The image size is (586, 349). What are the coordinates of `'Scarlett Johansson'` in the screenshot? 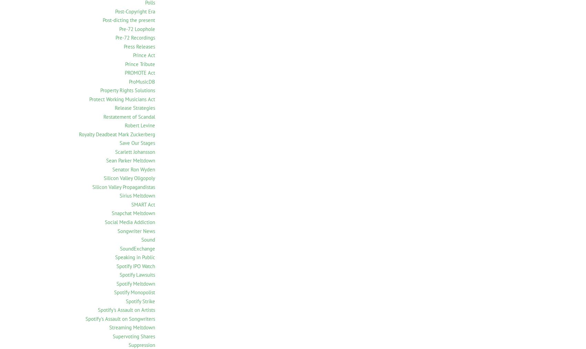 It's located at (135, 151).